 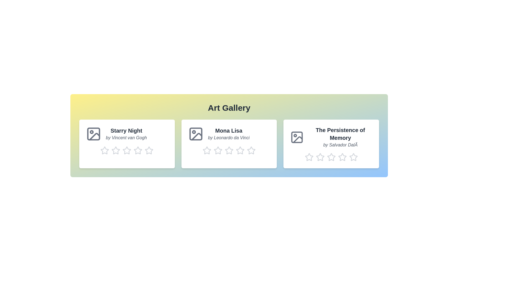 What do you see at coordinates (331, 157) in the screenshot?
I see `the rating for the artwork 'The Persistence of Memory' to 3 stars` at bounding box center [331, 157].